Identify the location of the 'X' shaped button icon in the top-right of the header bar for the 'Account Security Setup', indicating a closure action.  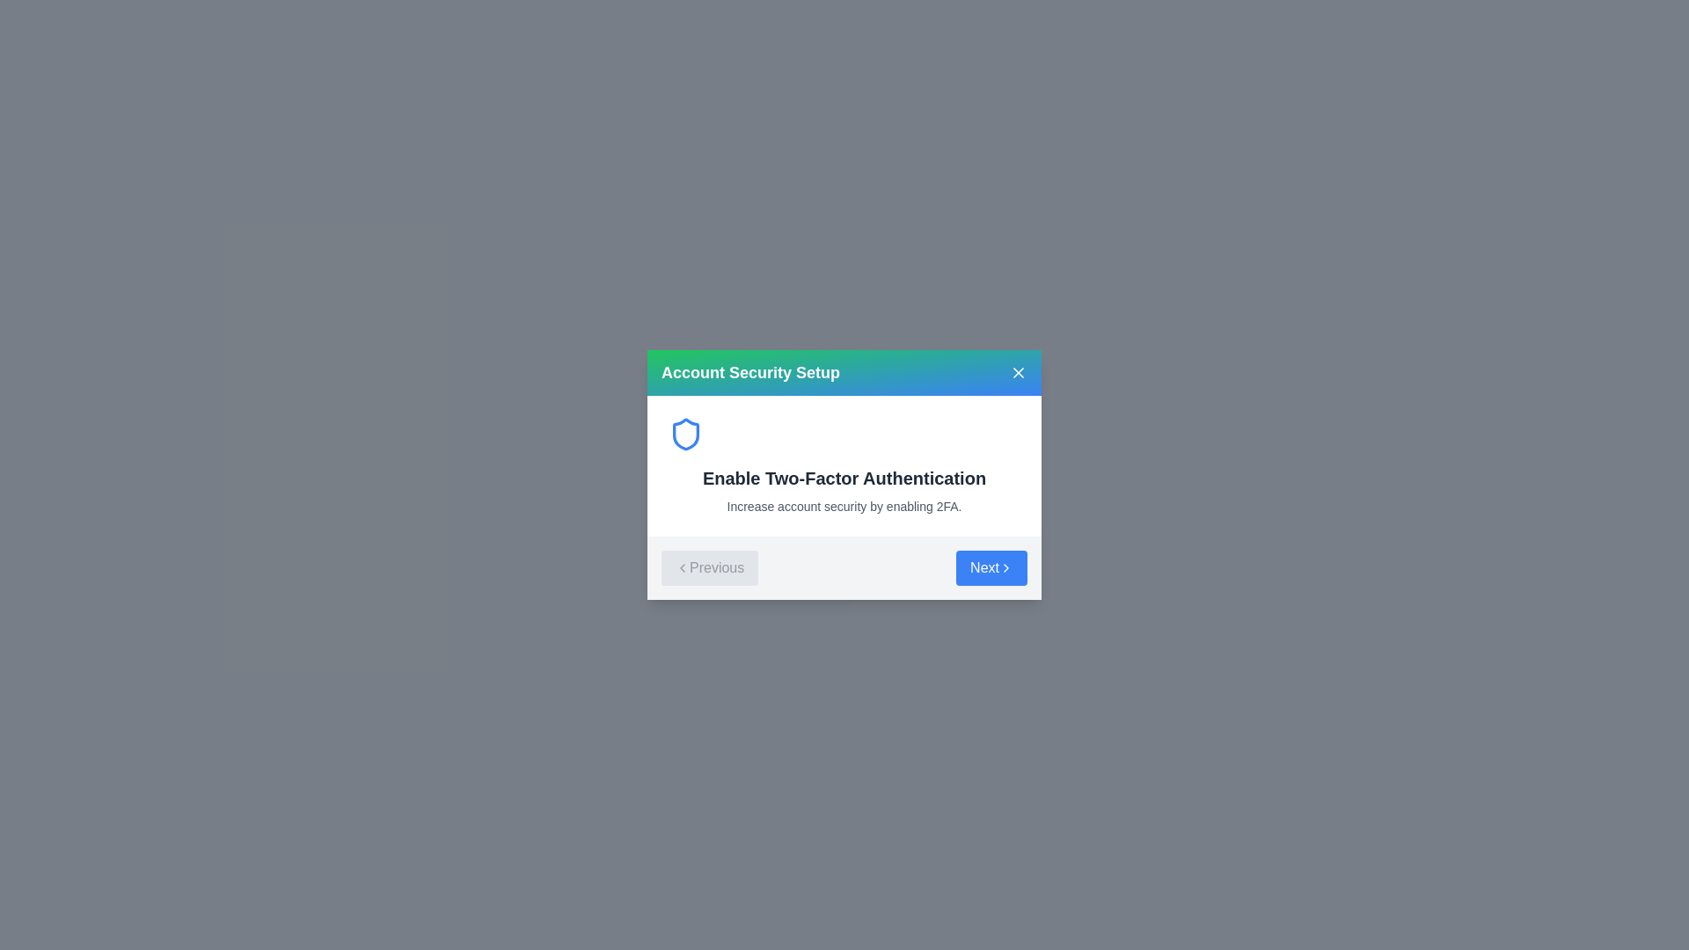
(1018, 372).